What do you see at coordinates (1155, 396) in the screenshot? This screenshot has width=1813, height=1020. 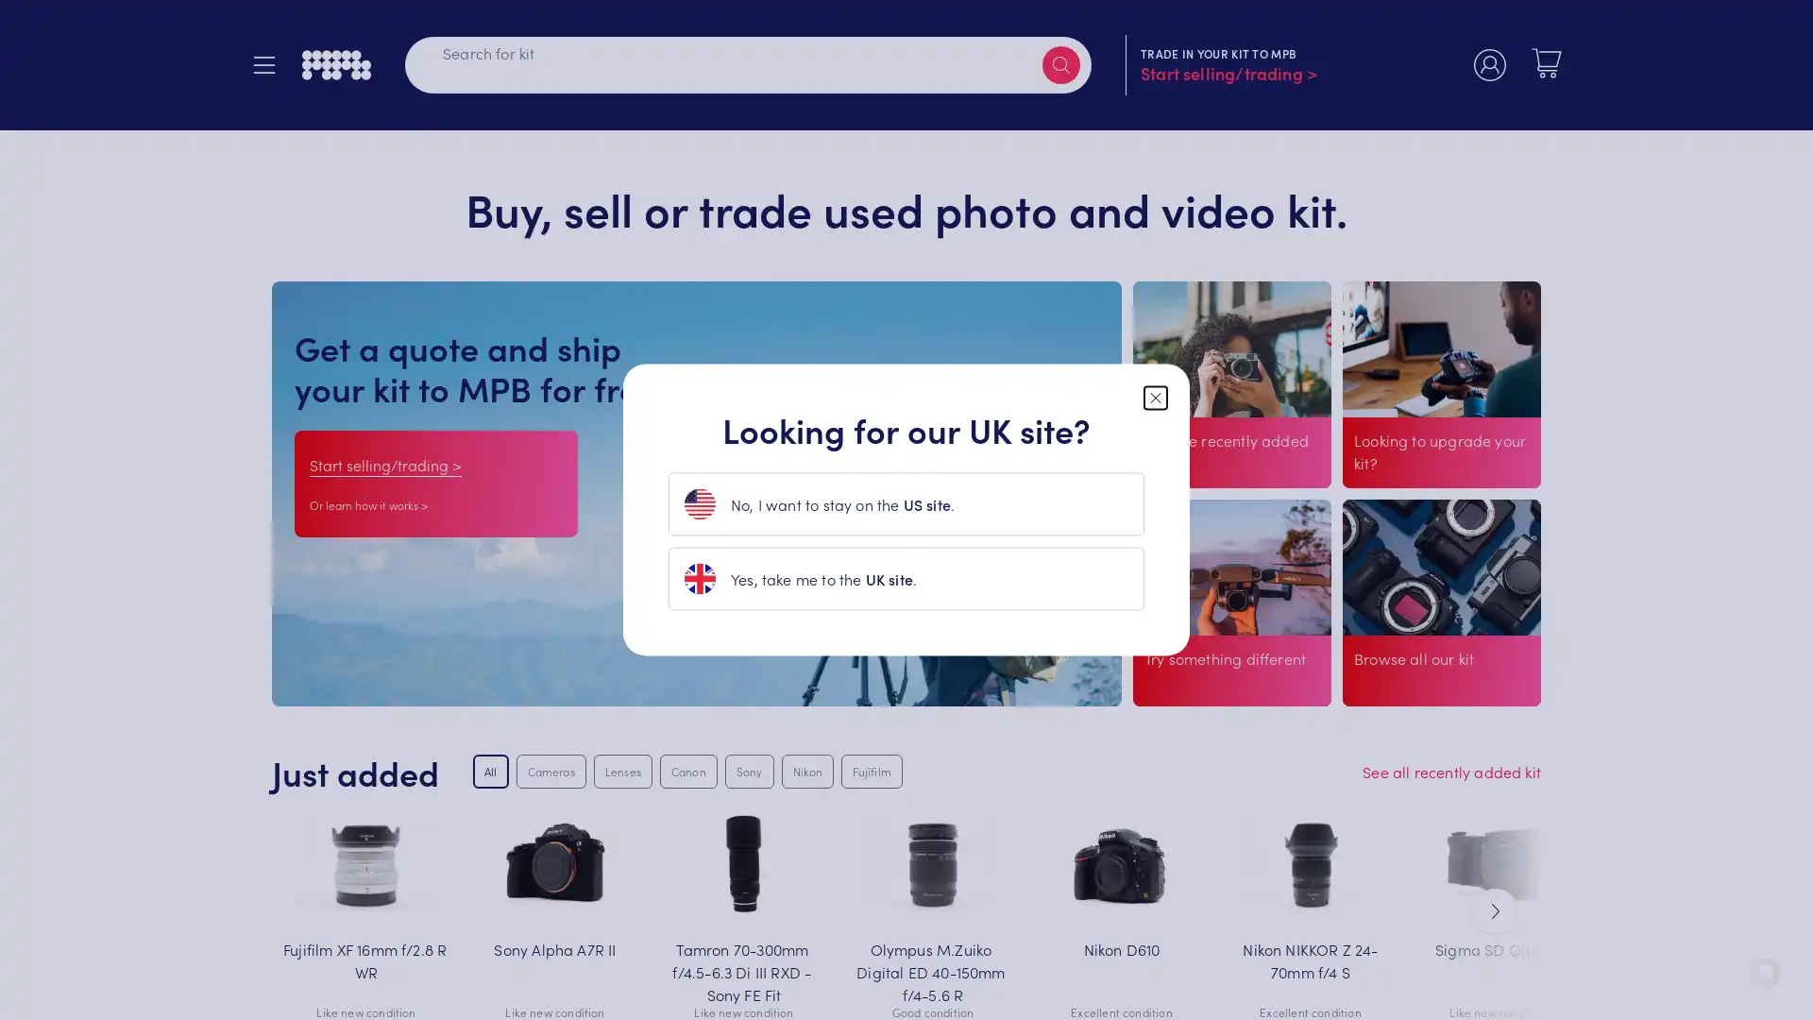 I see `Close modal` at bounding box center [1155, 396].